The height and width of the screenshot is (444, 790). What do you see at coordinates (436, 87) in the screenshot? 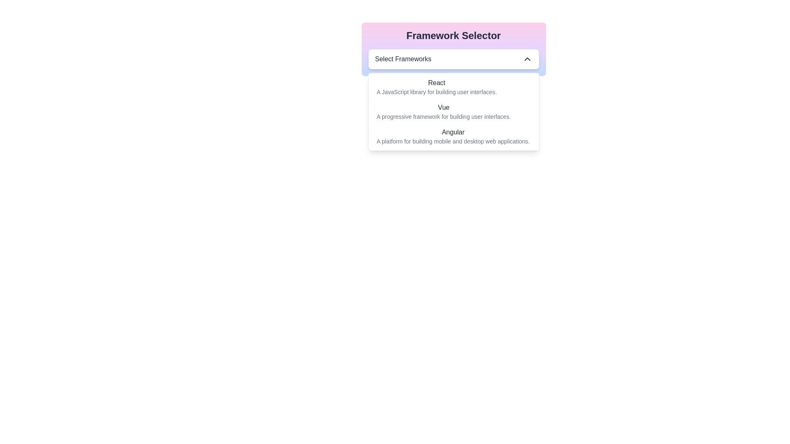
I see `the text block displaying 'React A JavaScript library for building user interfaces.' in the dropdown menu under 'Framework Selector'` at bounding box center [436, 87].